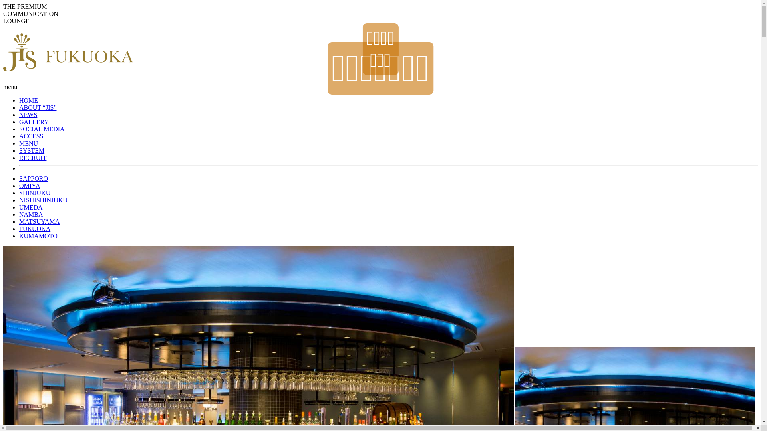 This screenshot has height=431, width=767. What do you see at coordinates (34, 229) in the screenshot?
I see `'FUKUOKA'` at bounding box center [34, 229].